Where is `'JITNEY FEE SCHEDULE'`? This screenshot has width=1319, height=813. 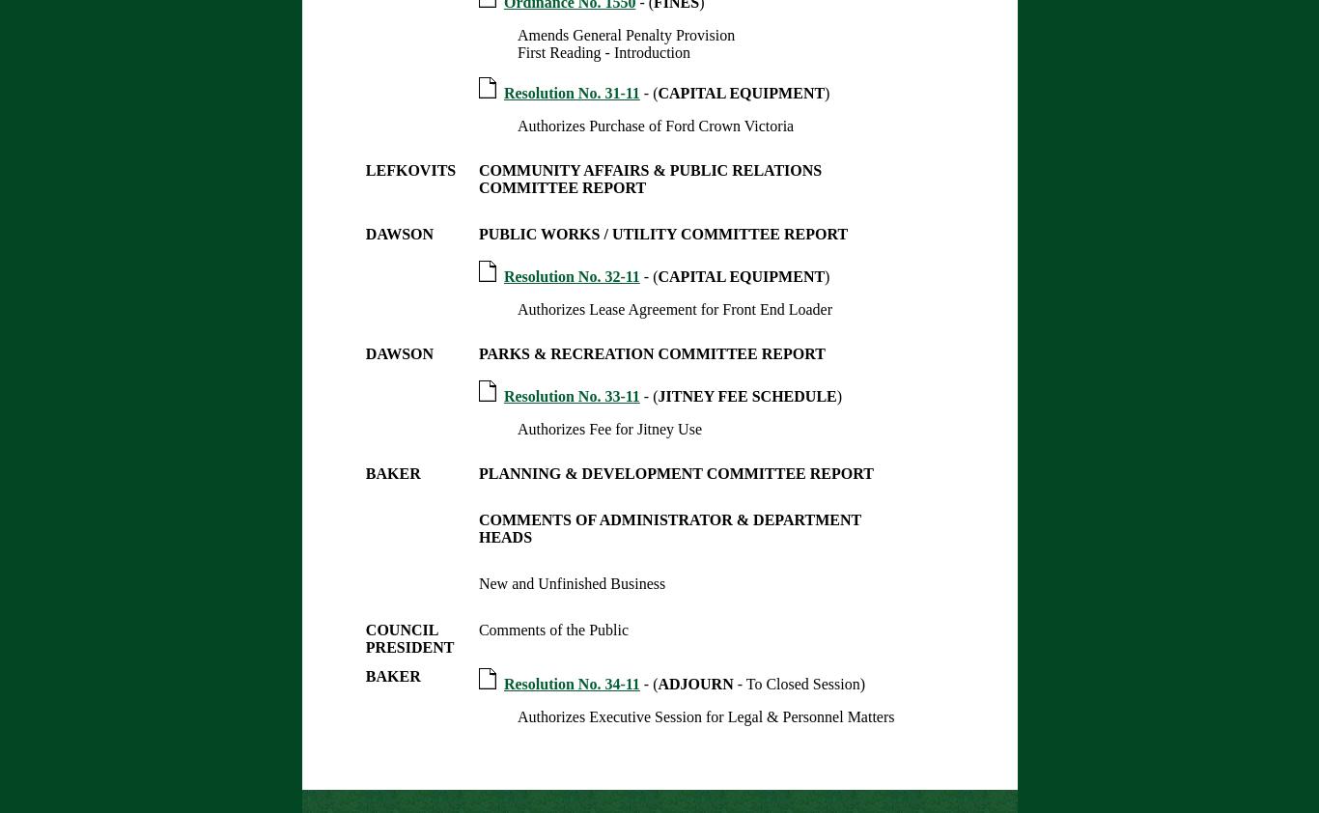 'JITNEY FEE SCHEDULE' is located at coordinates (656, 396).